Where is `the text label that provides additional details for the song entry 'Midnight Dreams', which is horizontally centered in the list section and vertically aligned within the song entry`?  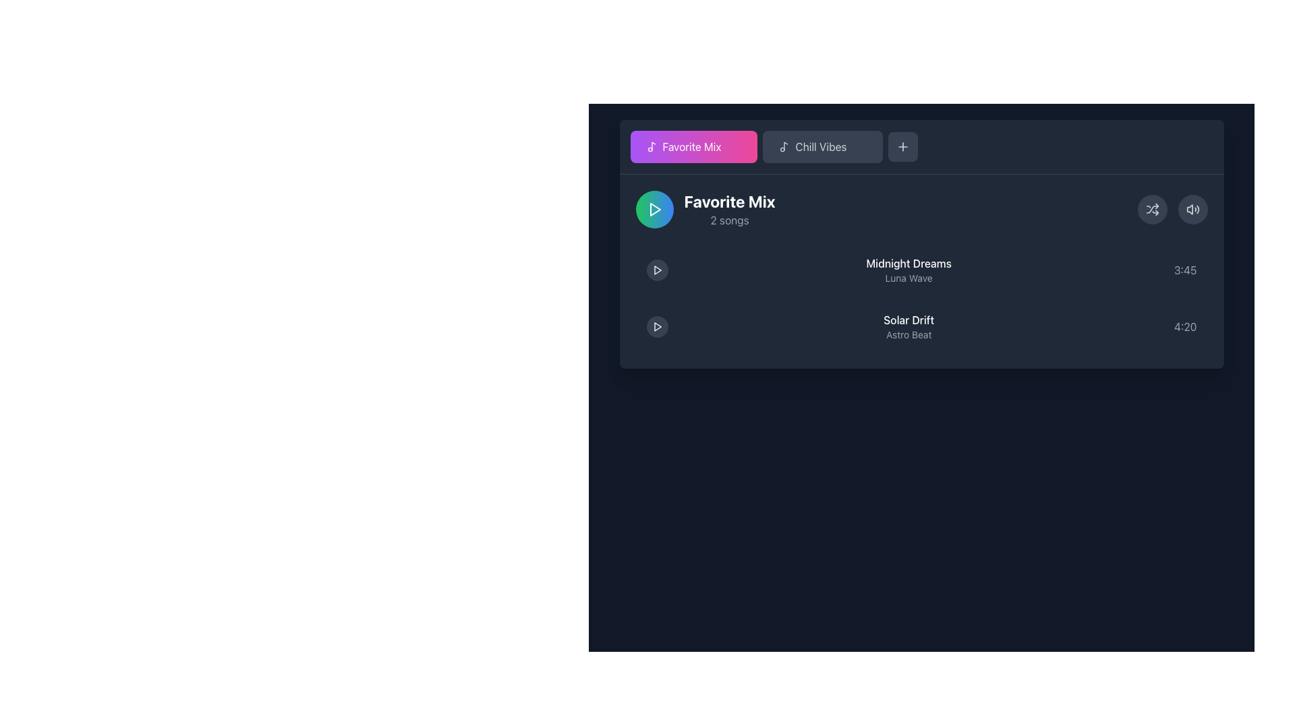
the text label that provides additional details for the song entry 'Midnight Dreams', which is horizontally centered in the list section and vertically aligned within the song entry is located at coordinates (909, 277).